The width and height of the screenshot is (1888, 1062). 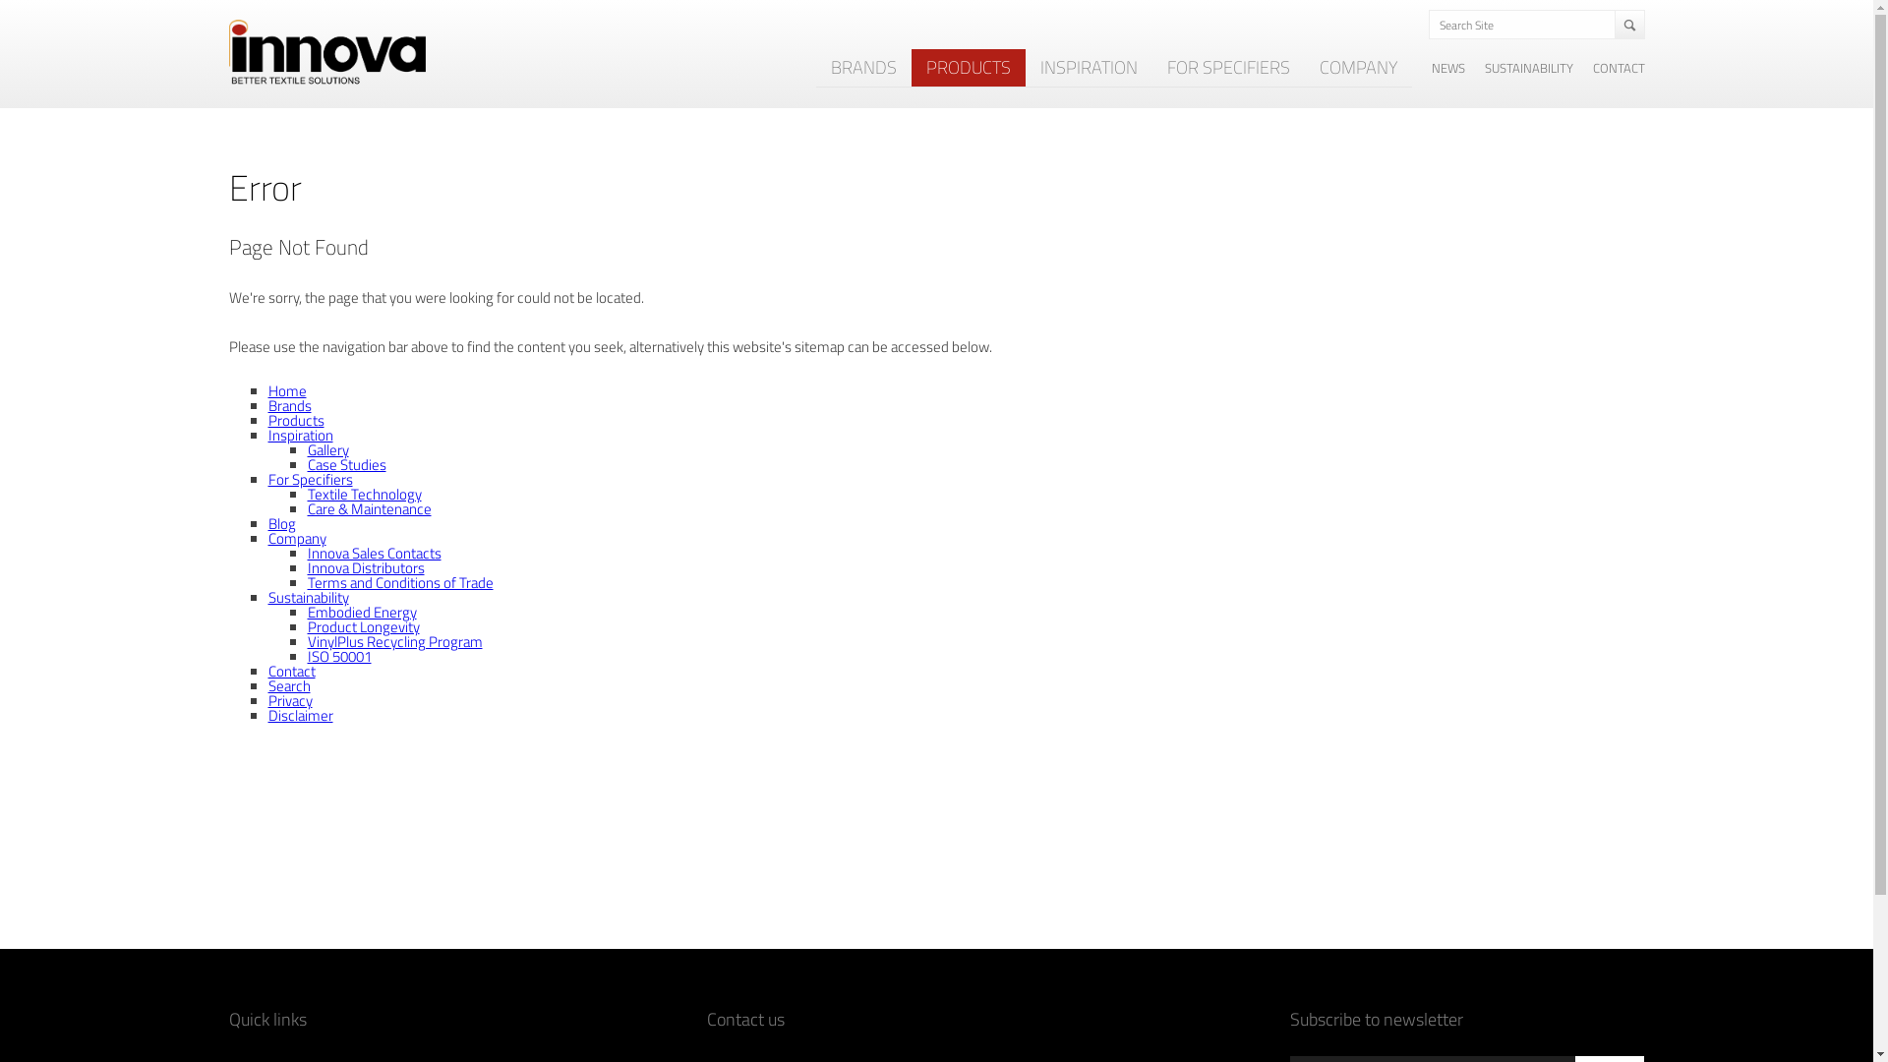 I want to click on 'PRODUCTS', so click(x=967, y=67).